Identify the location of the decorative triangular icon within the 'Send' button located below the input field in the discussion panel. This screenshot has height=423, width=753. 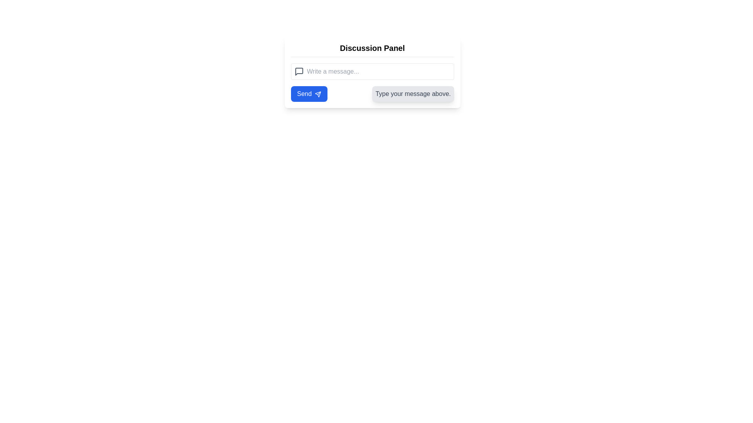
(318, 94).